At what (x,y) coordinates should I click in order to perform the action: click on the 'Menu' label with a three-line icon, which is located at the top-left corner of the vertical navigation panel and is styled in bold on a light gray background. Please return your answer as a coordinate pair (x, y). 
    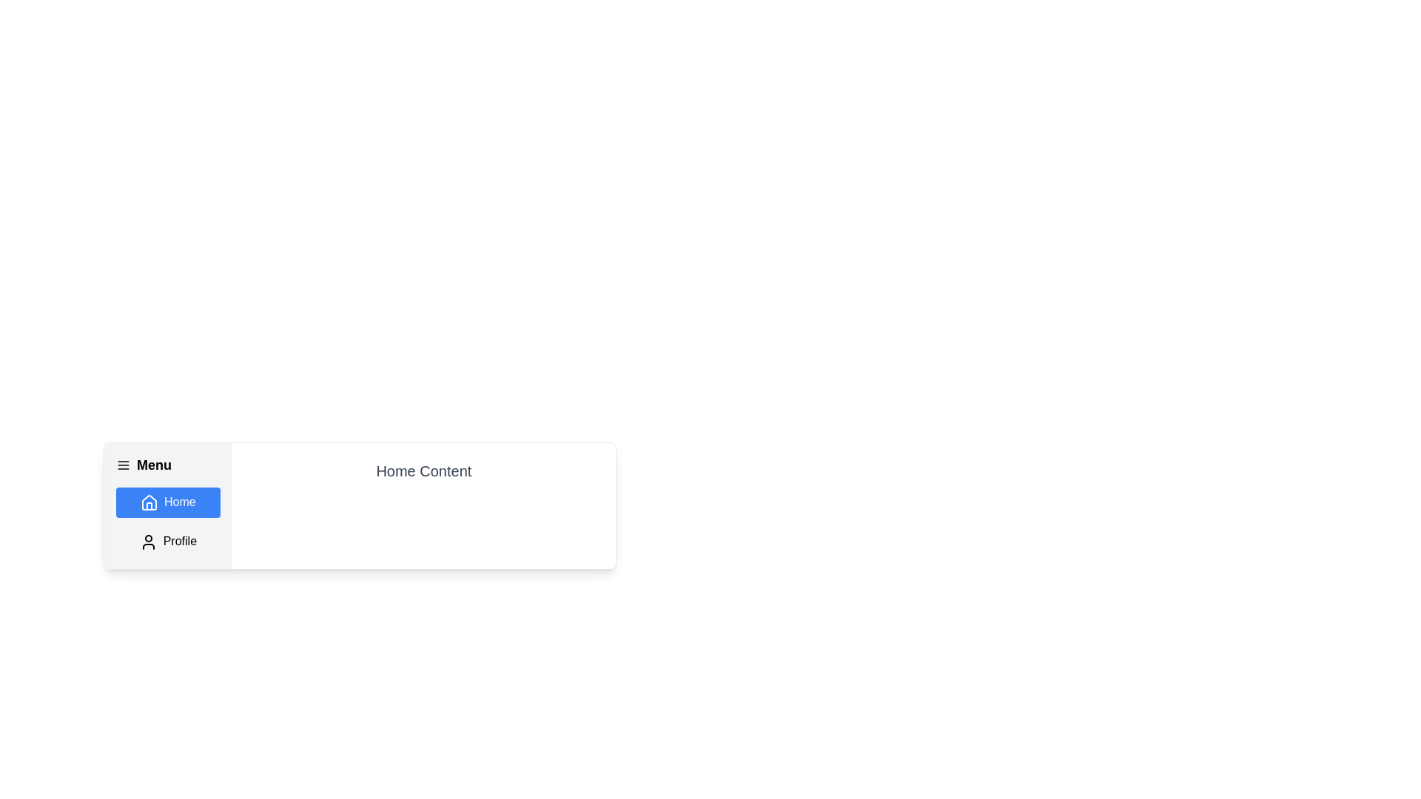
    Looking at the image, I should click on (168, 464).